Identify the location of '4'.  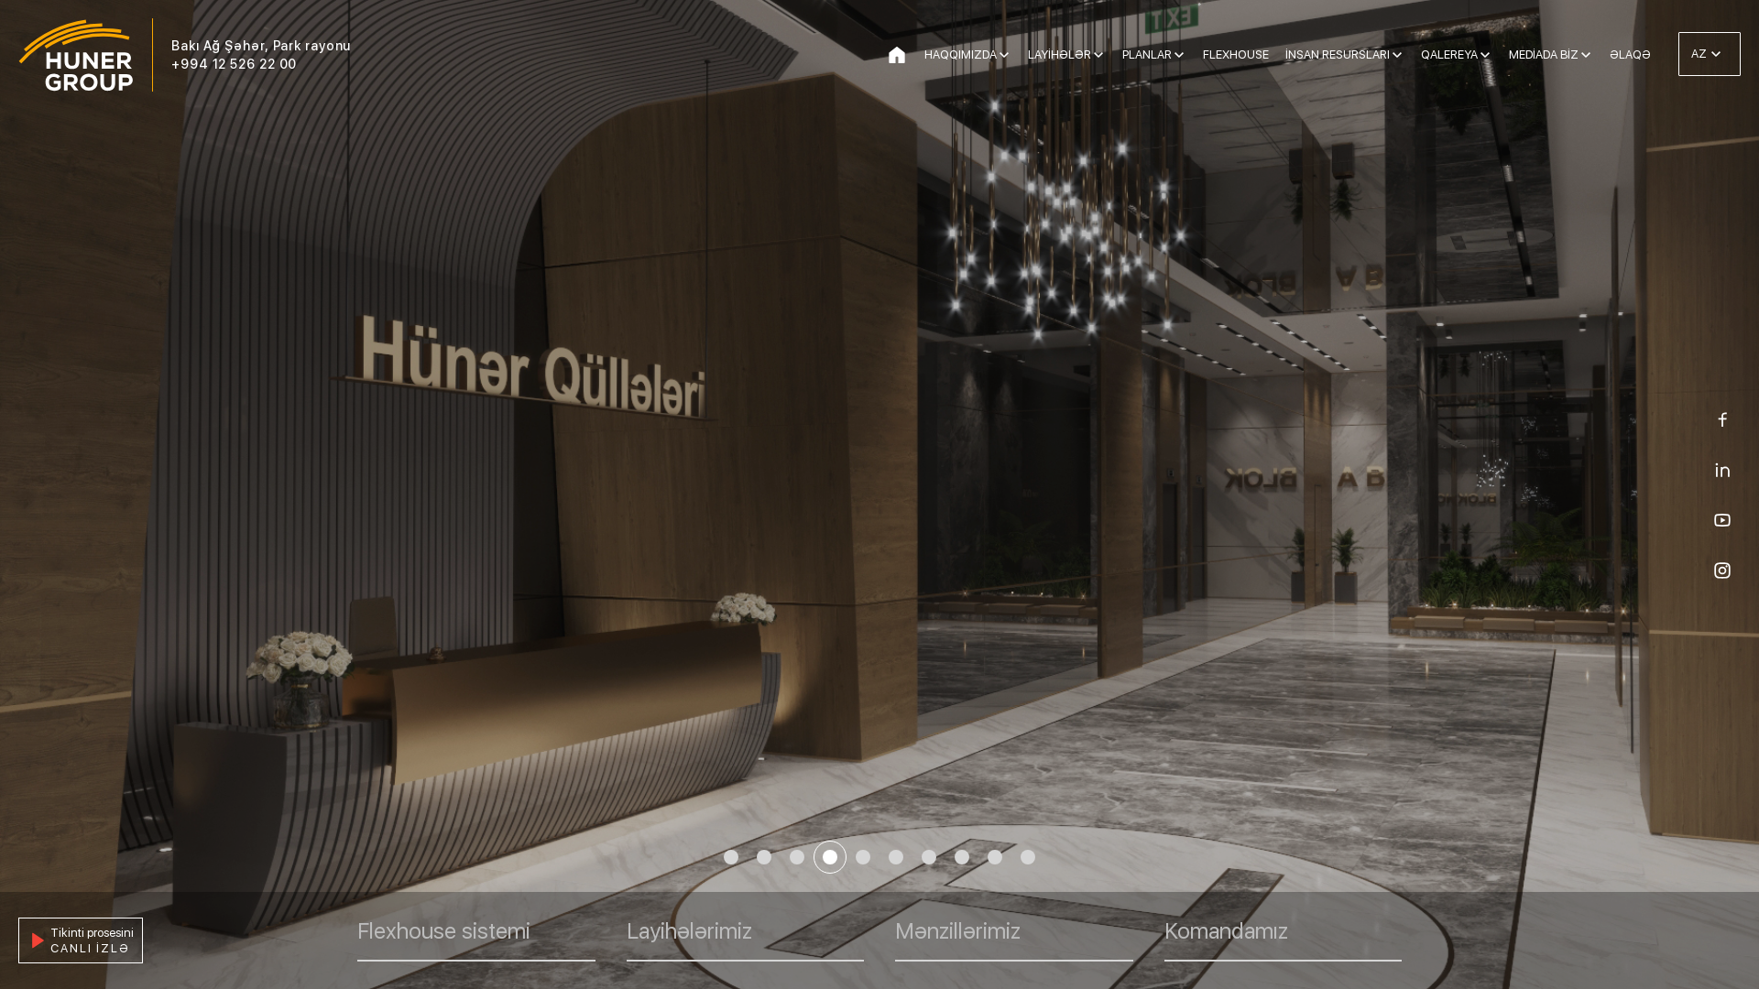
(829, 857).